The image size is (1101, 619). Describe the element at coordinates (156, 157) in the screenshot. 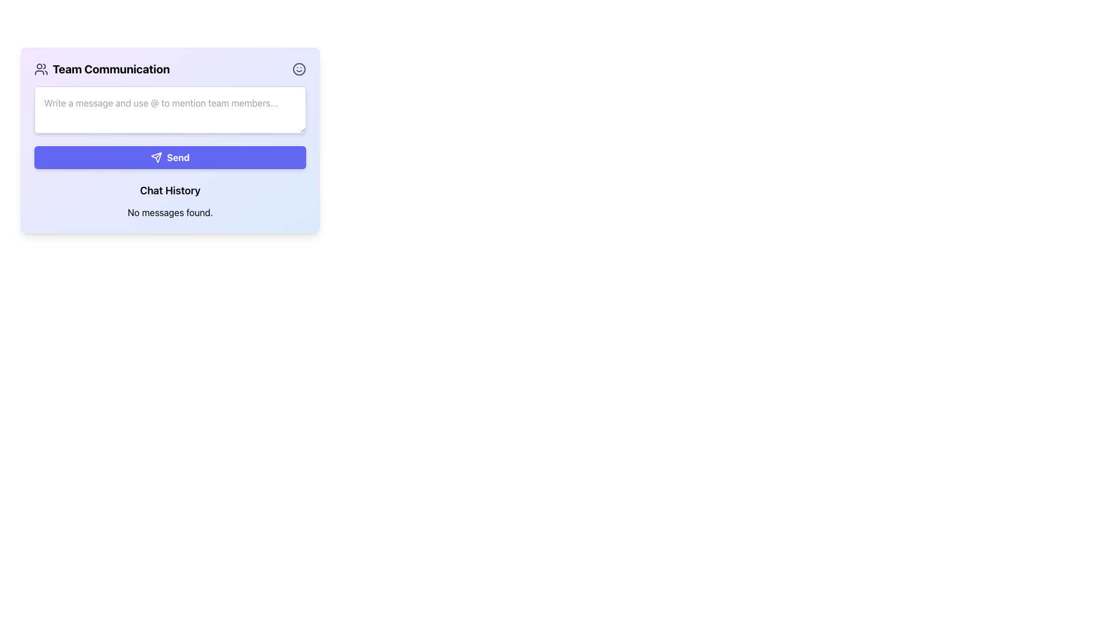

I see `the 'Send' button icon that represents the action of sending a message, located below the input field` at that location.